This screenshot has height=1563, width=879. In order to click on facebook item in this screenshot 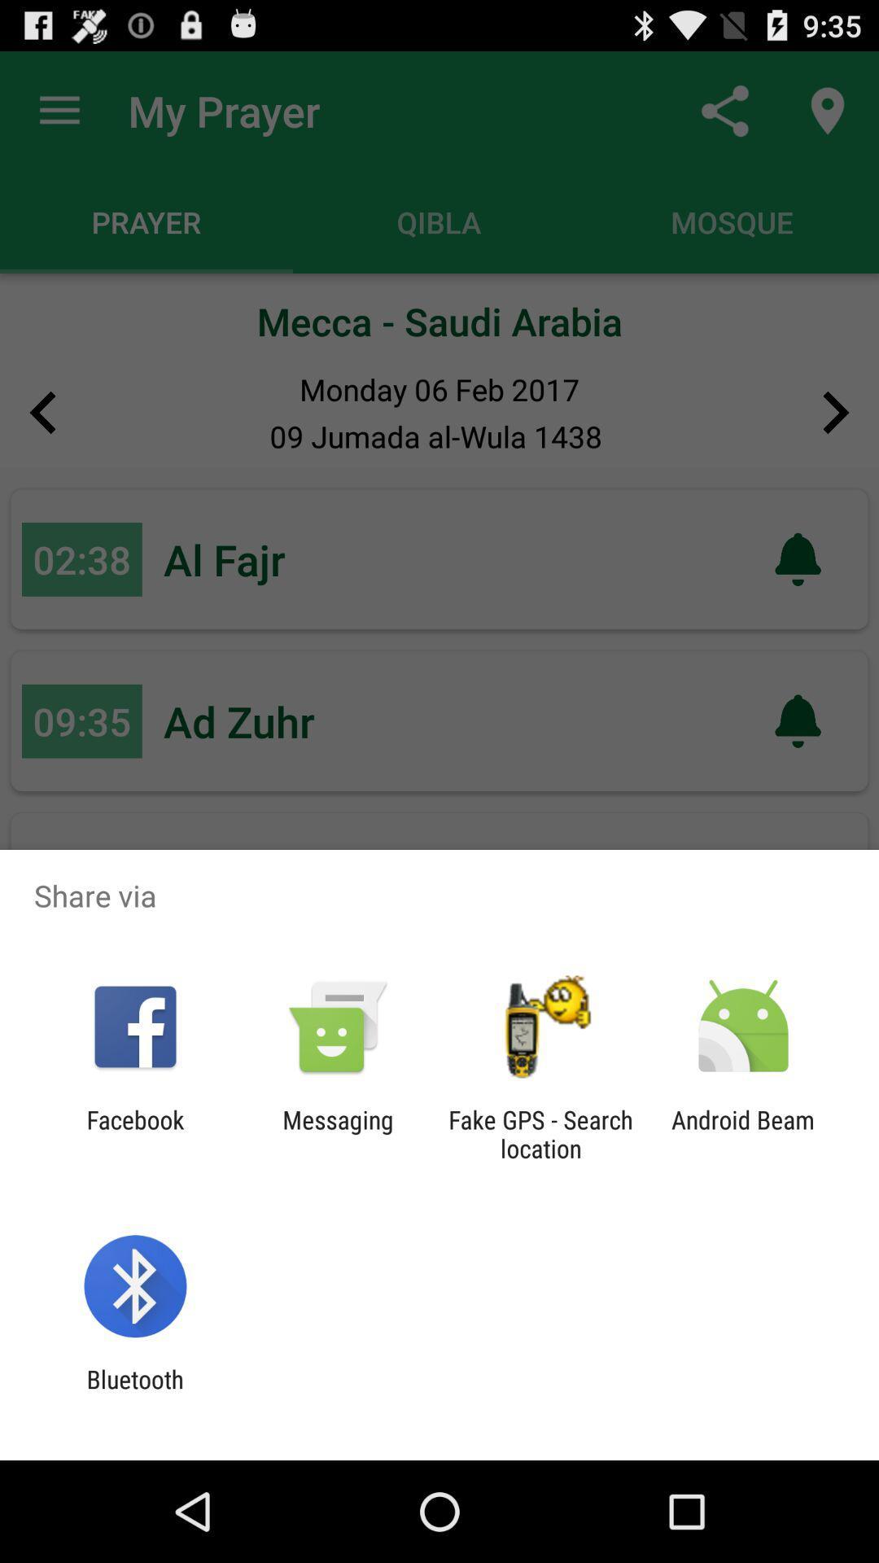, I will do `click(134, 1133)`.